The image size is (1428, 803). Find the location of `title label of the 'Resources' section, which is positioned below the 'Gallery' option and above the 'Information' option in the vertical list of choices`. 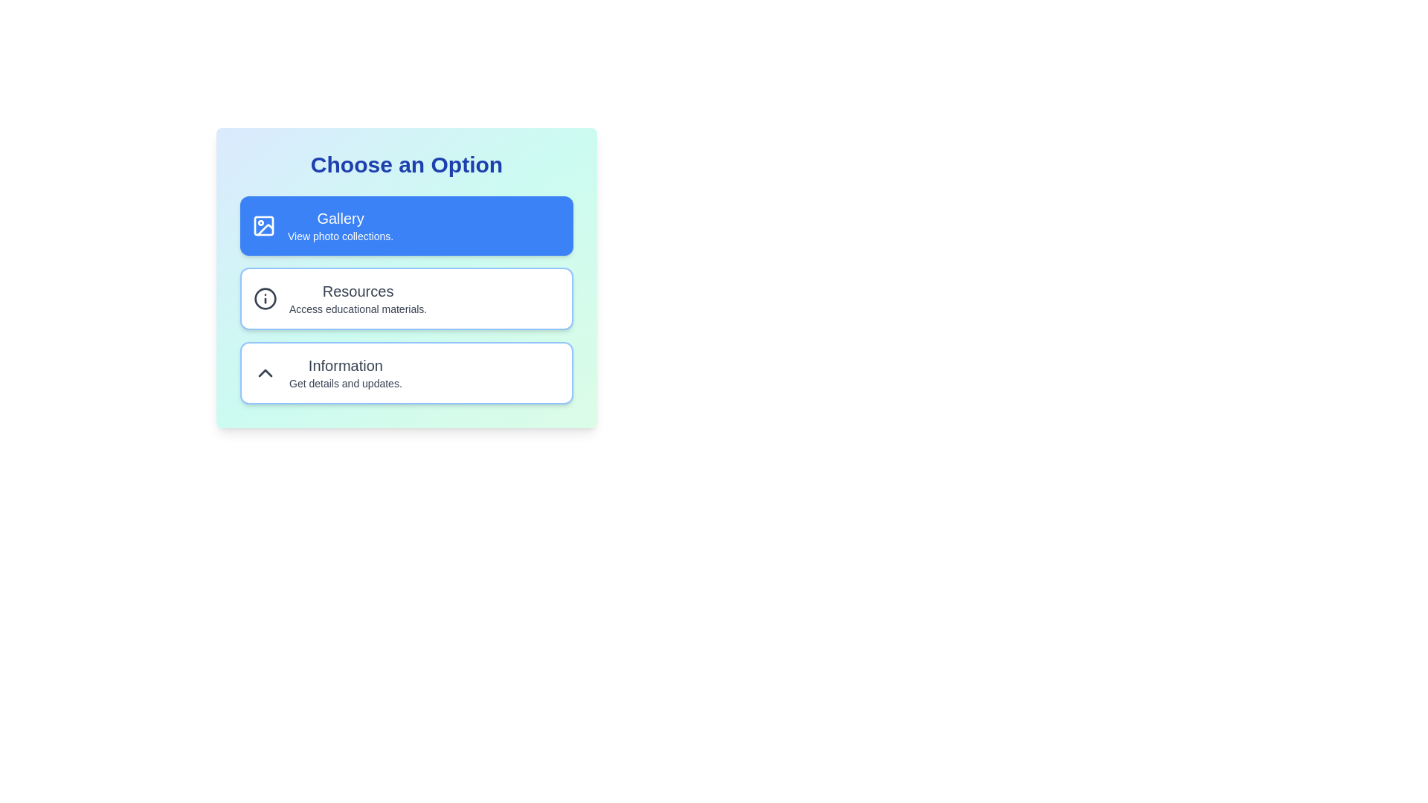

title label of the 'Resources' section, which is positioned below the 'Gallery' option and above the 'Information' option in the vertical list of choices is located at coordinates (358, 291).